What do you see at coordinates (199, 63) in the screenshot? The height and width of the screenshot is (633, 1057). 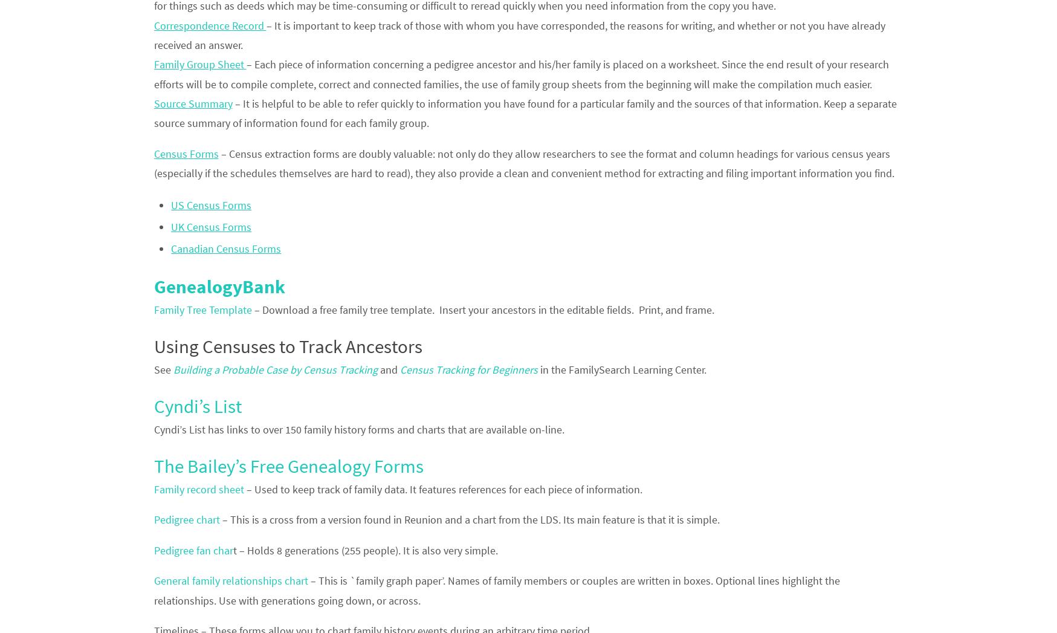 I see `'Family Group Sheet'` at bounding box center [199, 63].